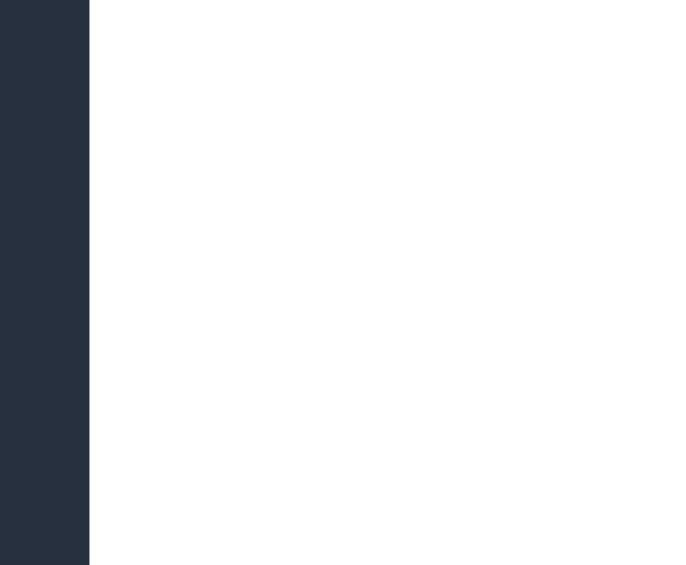 The image size is (686, 565). Describe the element at coordinates (280, 104) in the screenshot. I see `'Nato's Russia-deterrent force 'fully operational''` at that location.